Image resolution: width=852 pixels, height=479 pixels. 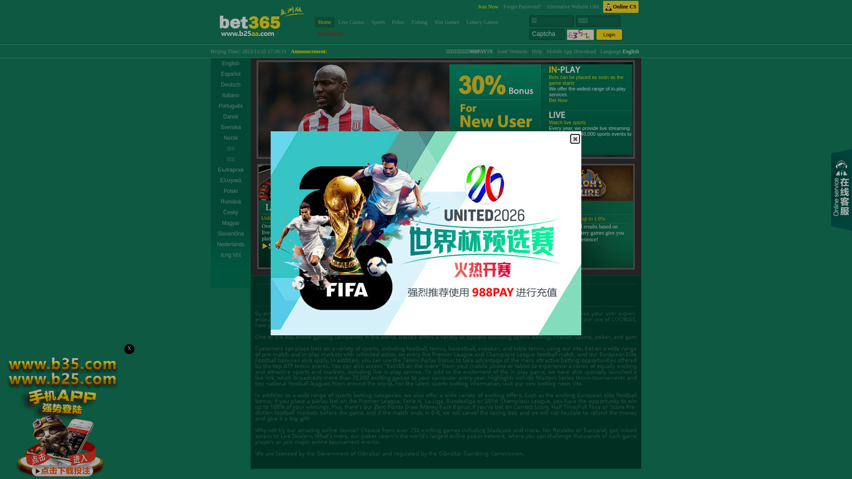 I want to click on 'Login', so click(x=596, y=34).